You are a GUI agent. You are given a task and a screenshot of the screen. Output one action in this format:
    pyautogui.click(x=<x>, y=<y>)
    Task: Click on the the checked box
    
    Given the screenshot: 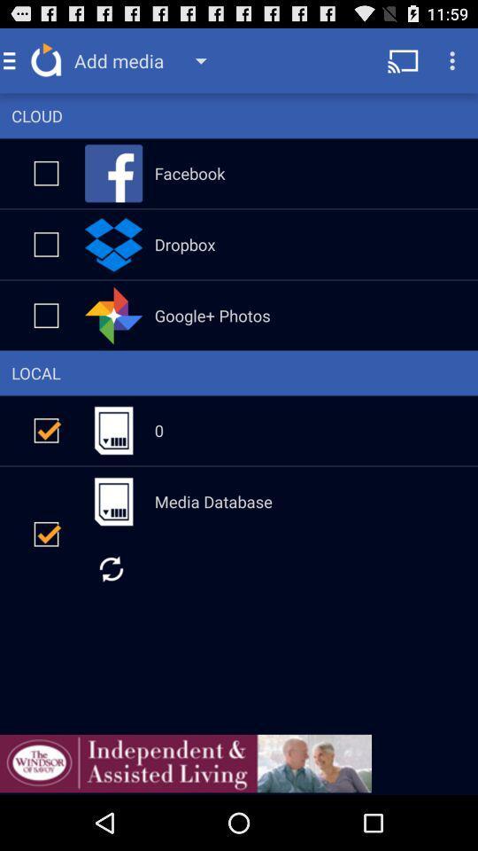 What is the action you would take?
    pyautogui.click(x=46, y=429)
    